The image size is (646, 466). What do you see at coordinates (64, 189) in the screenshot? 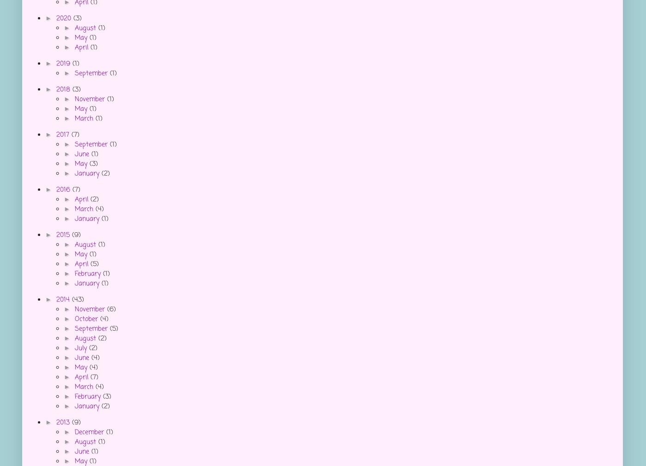
I see `'2016'` at bounding box center [64, 189].